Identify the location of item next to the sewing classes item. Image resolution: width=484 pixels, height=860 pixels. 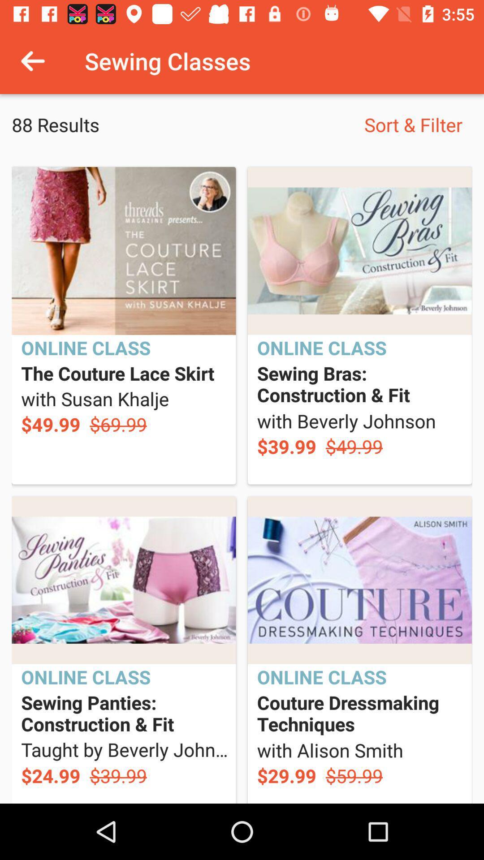
(32, 60).